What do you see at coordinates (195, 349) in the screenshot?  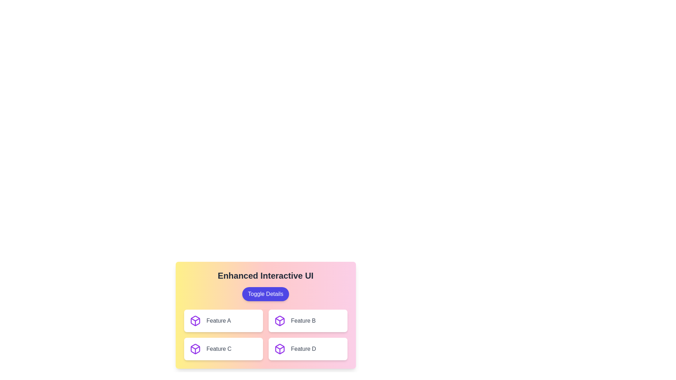 I see `the Icon rendered using SVG for 'Feature C', which is located in the bottom-left quadrant of the 'Enhanced Interactive UI' group, to the left of the label 'Feature C'` at bounding box center [195, 349].